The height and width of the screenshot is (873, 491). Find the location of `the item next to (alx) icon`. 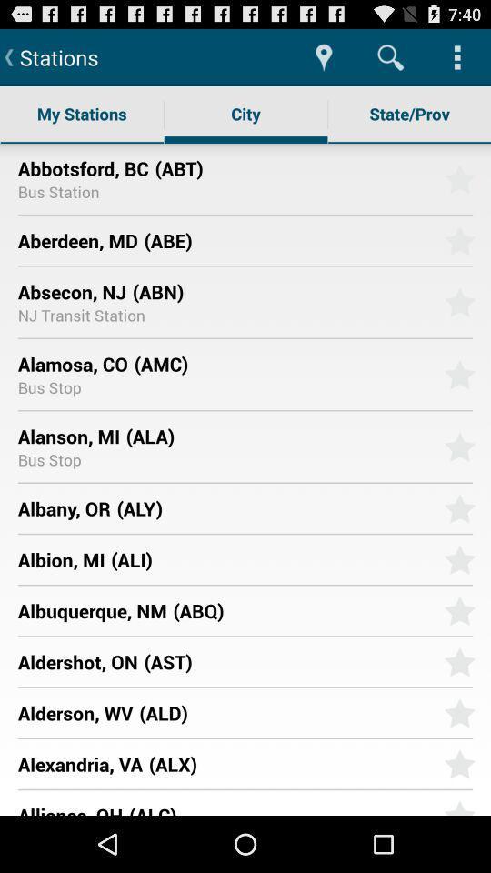

the item next to (alx) icon is located at coordinates (79, 764).